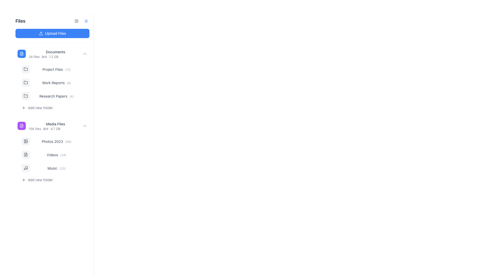 The image size is (495, 278). Describe the element at coordinates (21, 54) in the screenshot. I see `decorative vector graphic resembling a document icon located in the top left quadrant of the page, adjacent to the text label 'Documents'` at that location.